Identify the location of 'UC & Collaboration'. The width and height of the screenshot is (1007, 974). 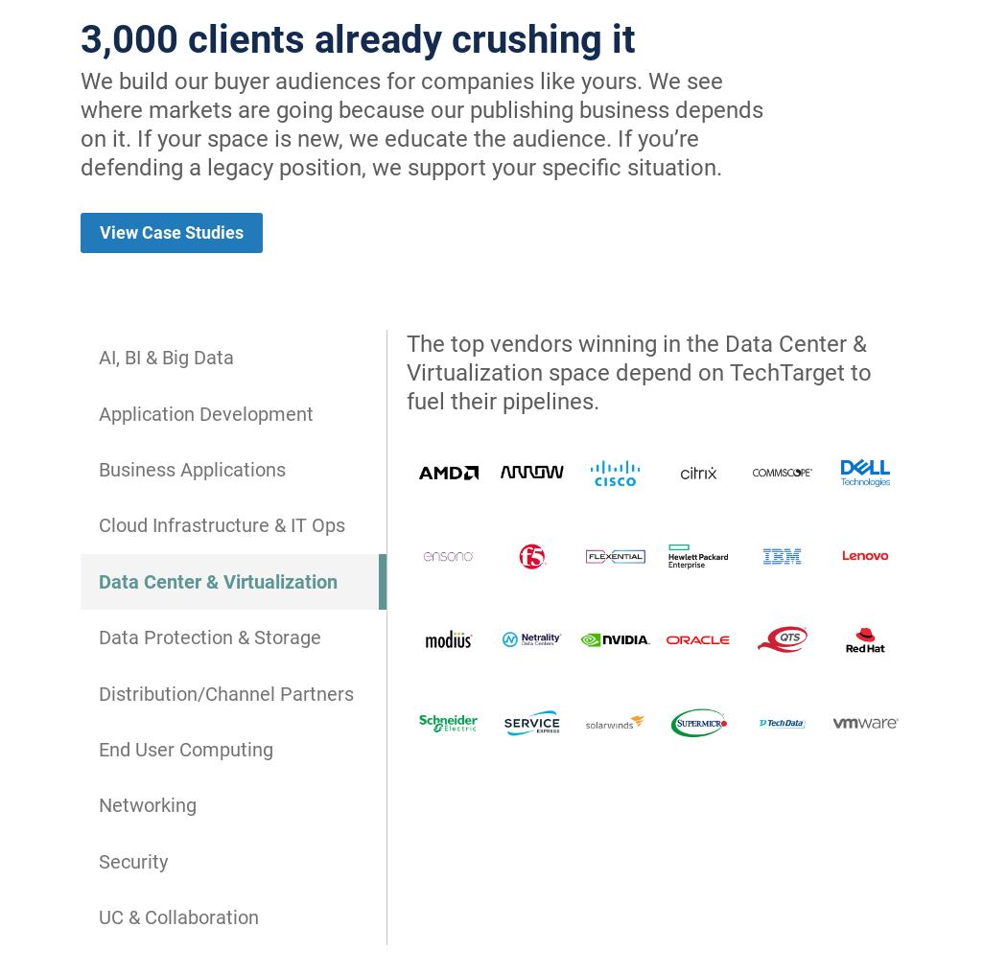
(99, 916).